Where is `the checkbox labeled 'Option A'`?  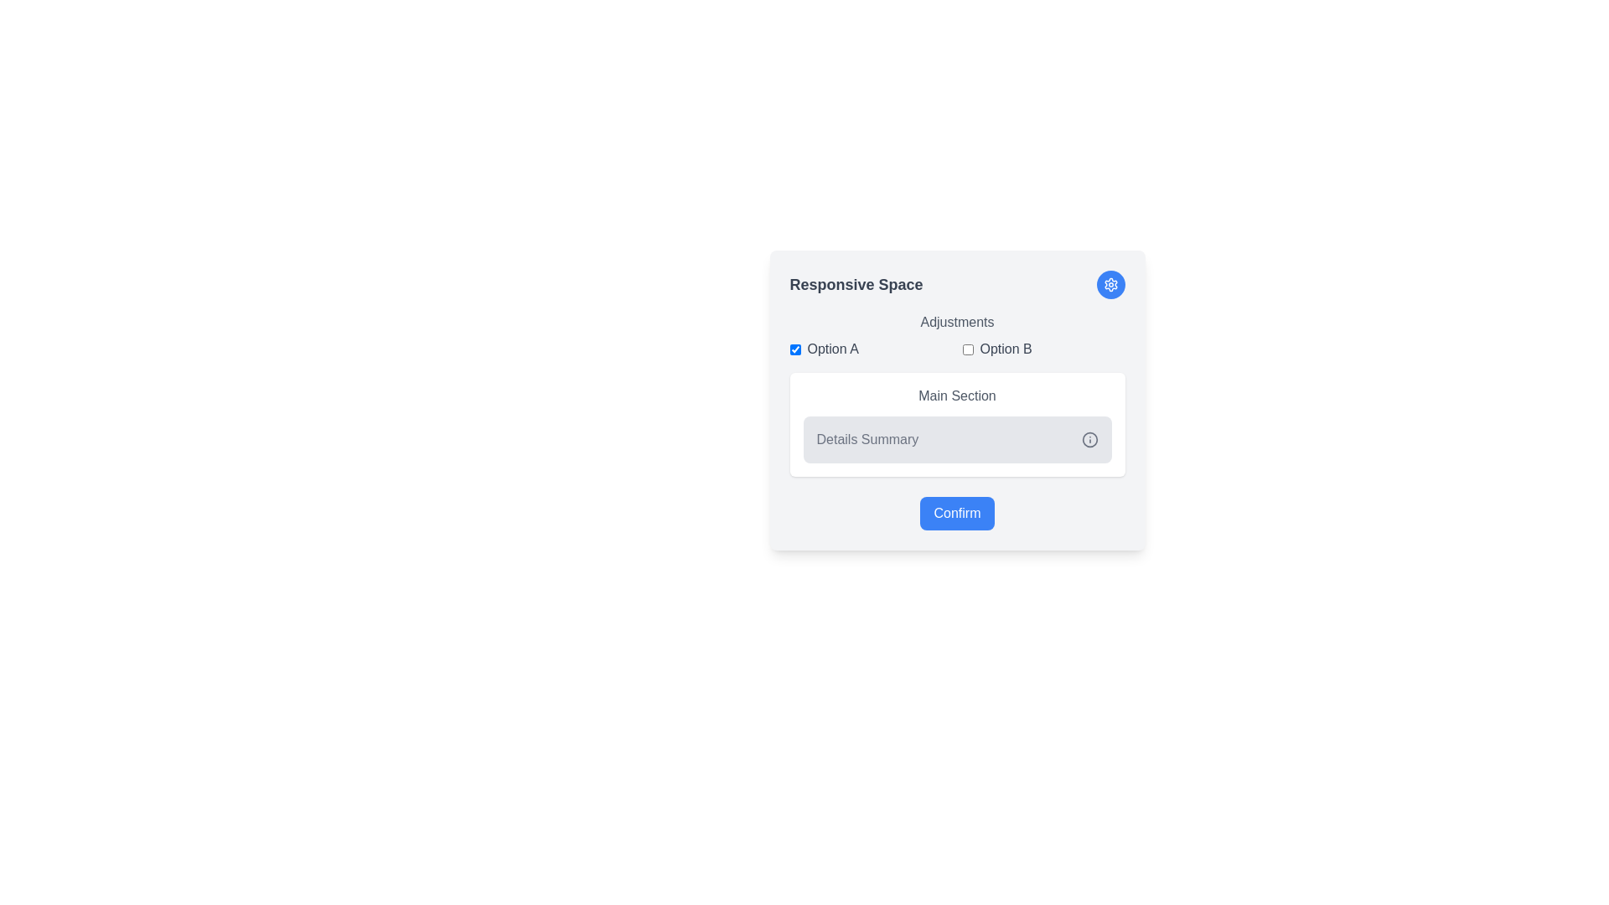 the checkbox labeled 'Option A' is located at coordinates (871, 348).